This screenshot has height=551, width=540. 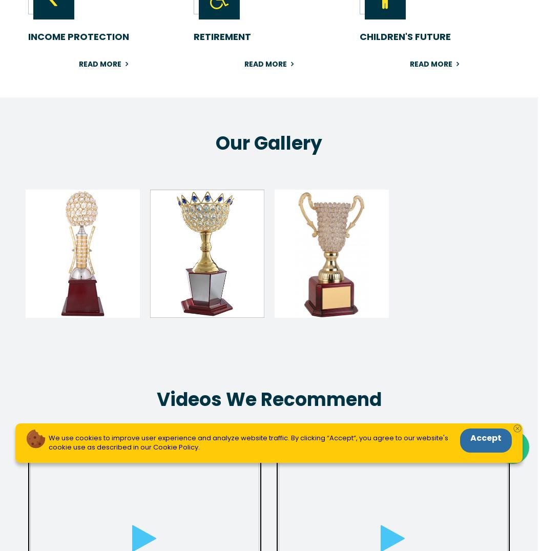 What do you see at coordinates (48, 442) in the screenshot?
I see `'We use cookies to improve user experience and analyze website traffic. By clicking “Accept“, you agree to our website's cookie use as described in our Cookie Policy.'` at bounding box center [48, 442].